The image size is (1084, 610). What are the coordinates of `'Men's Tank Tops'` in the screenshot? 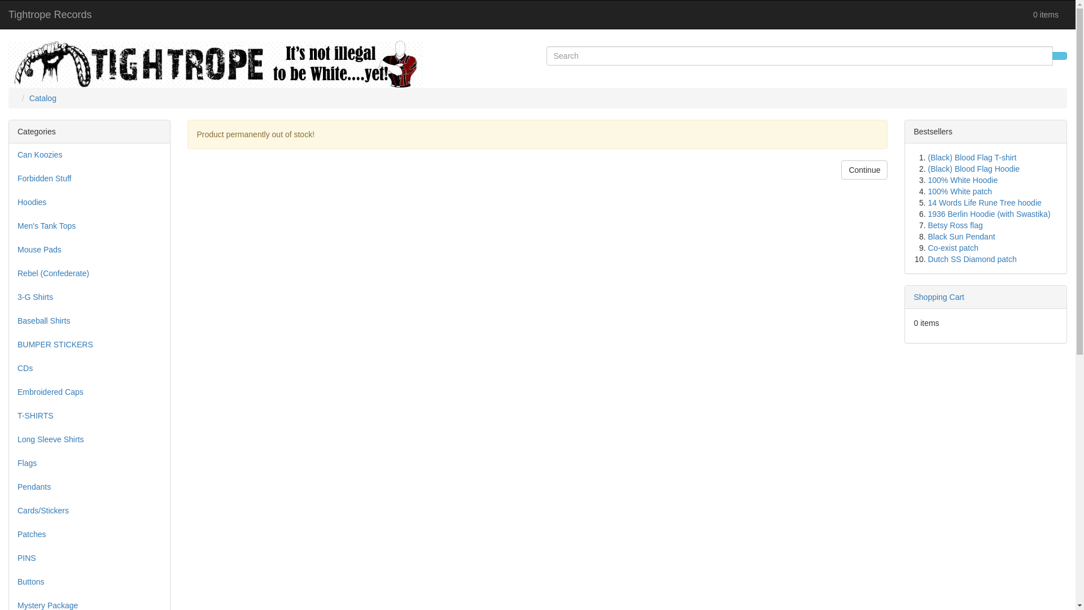 It's located at (89, 226).